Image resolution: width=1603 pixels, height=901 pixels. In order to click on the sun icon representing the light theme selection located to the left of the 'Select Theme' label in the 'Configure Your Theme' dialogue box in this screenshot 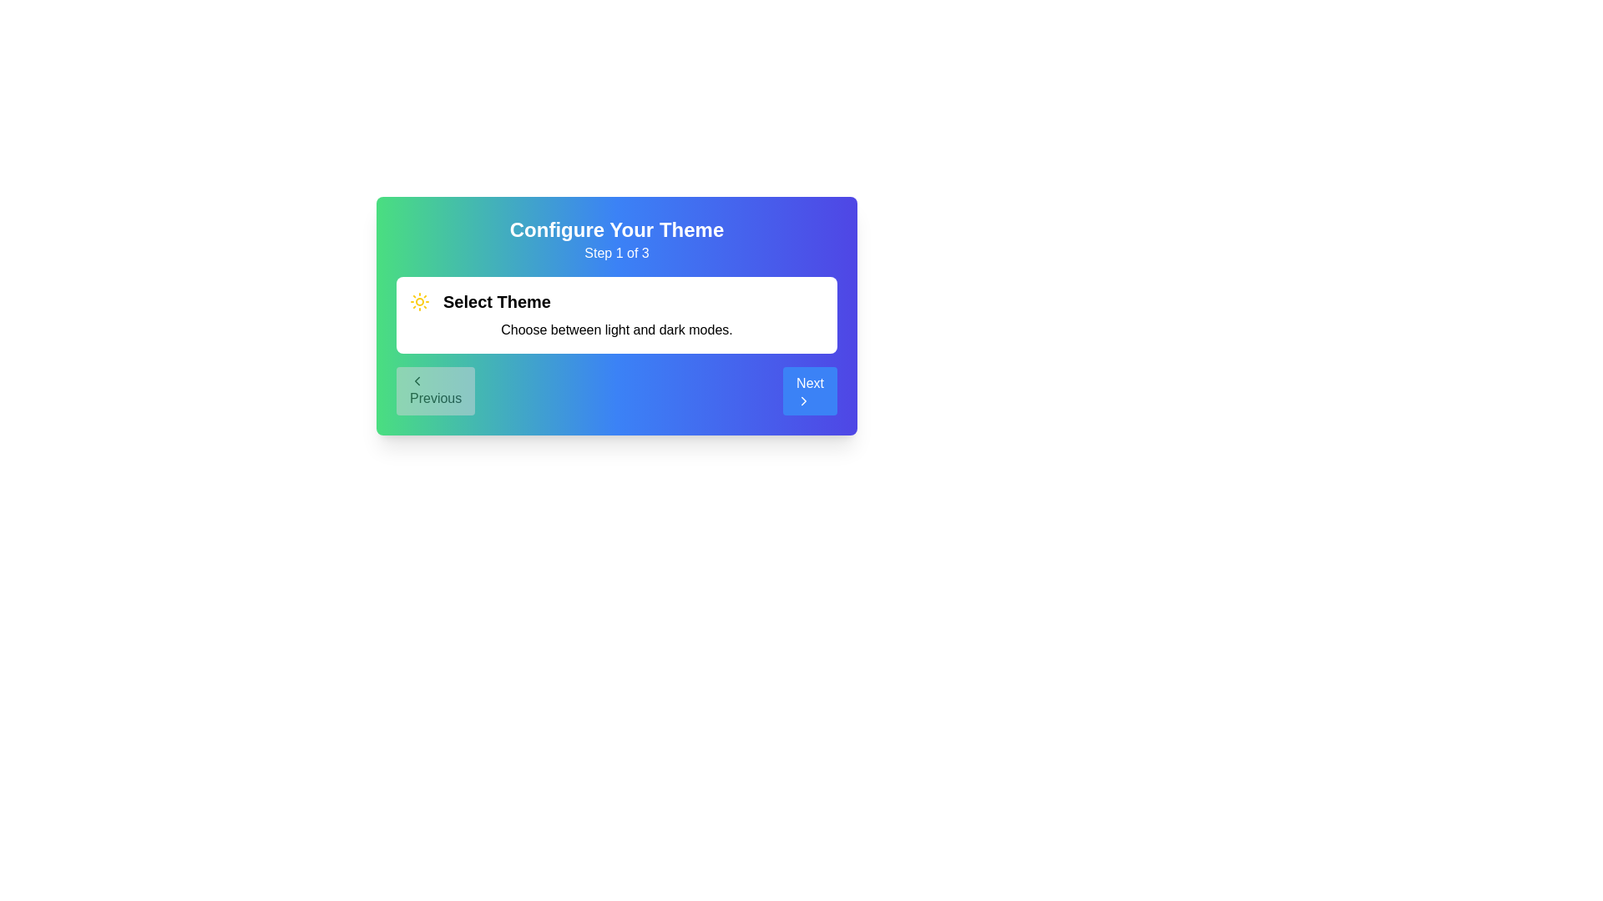, I will do `click(420, 302)`.